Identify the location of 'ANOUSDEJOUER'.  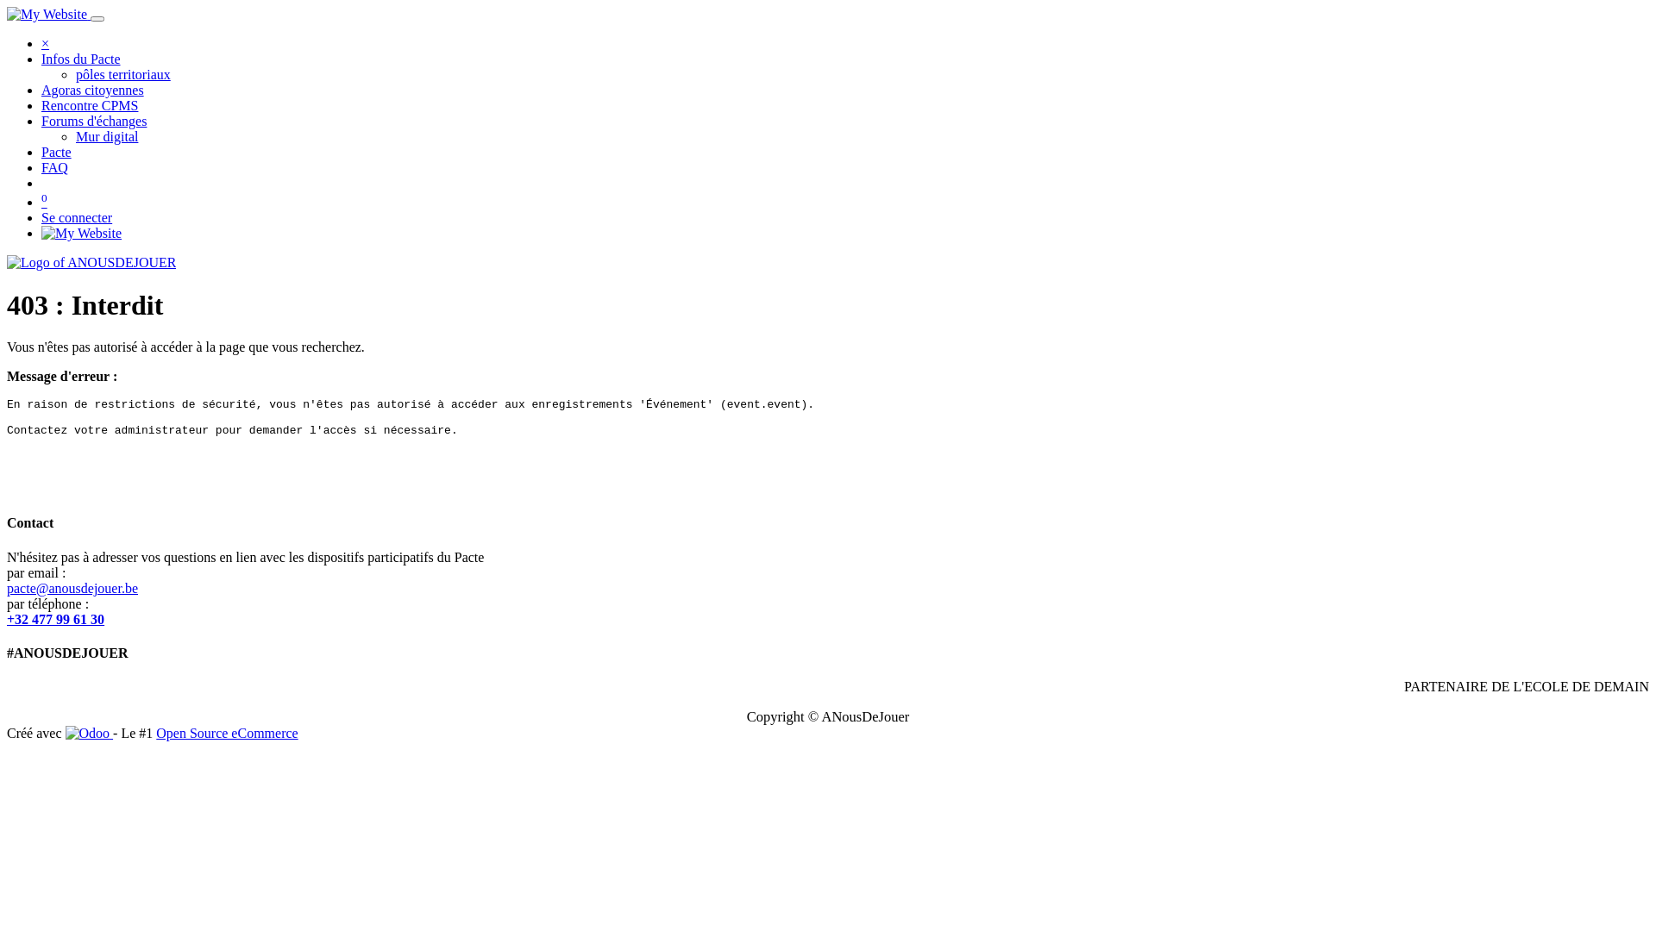
(90, 262).